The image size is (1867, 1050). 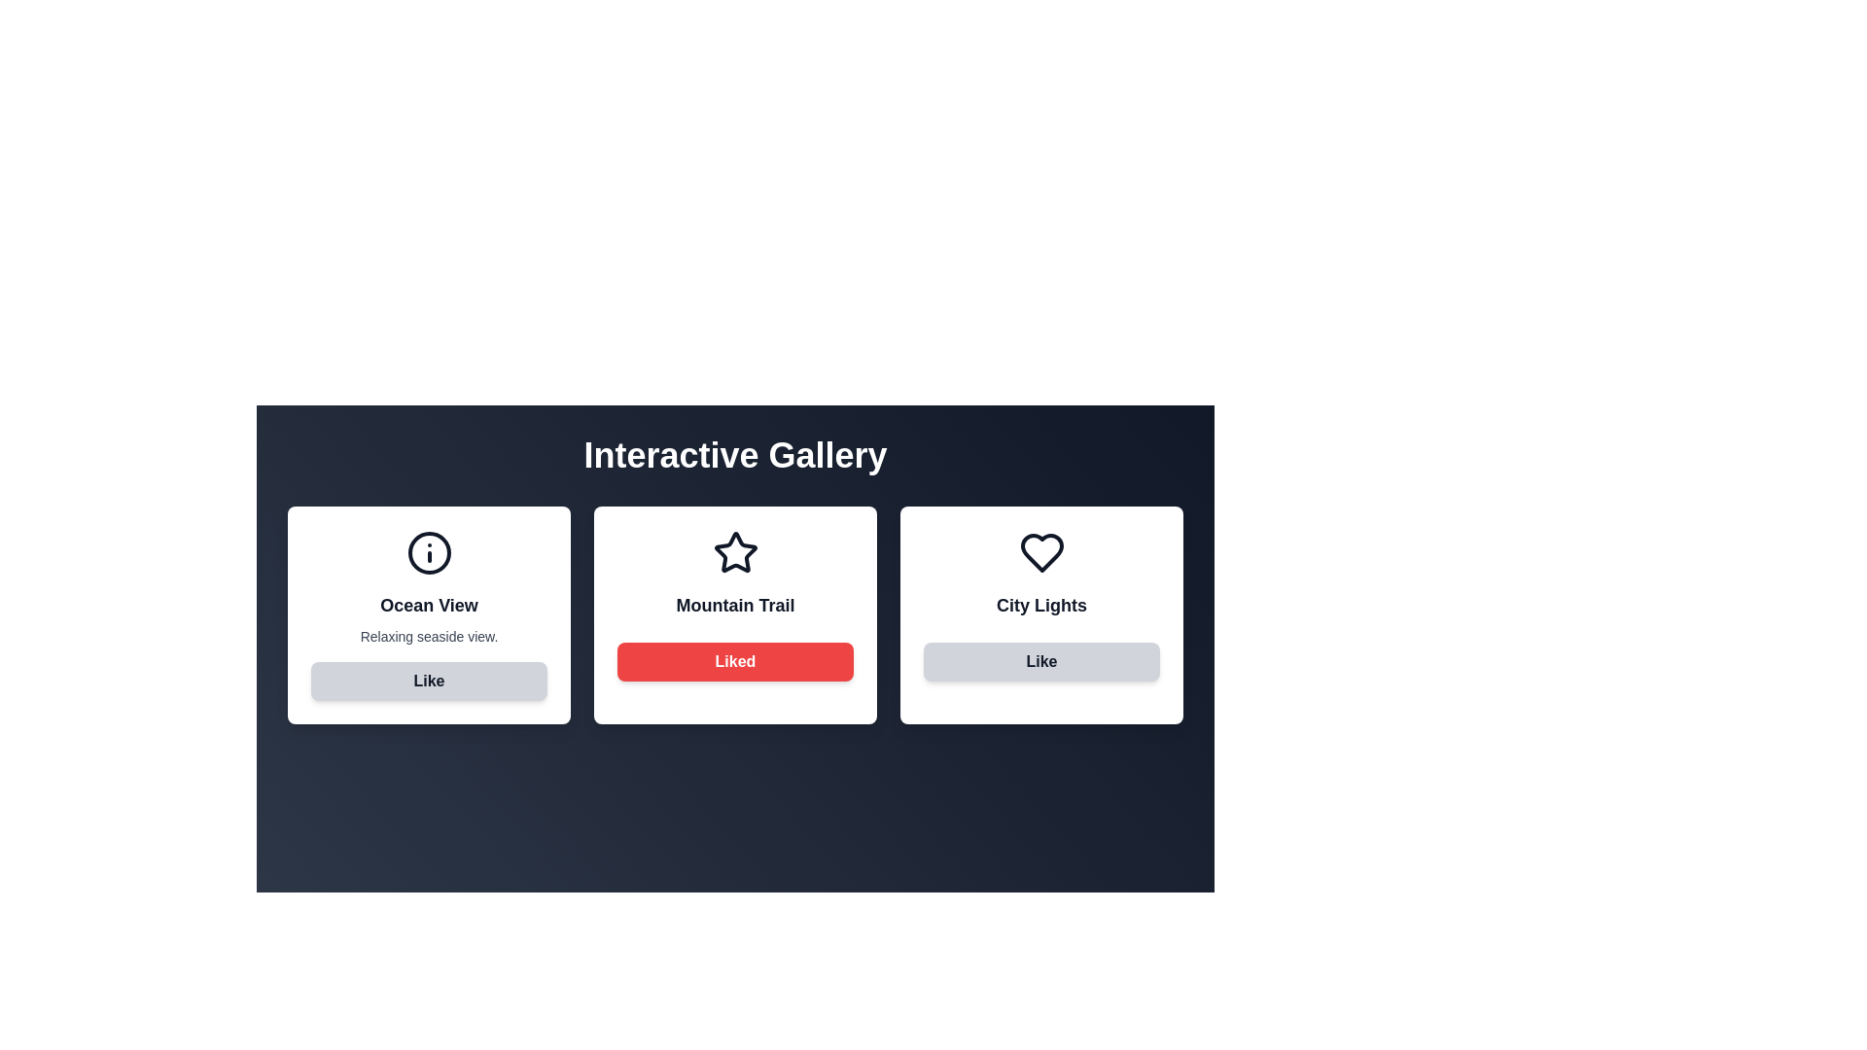 I want to click on the 'Like' button on the 'City Lights' card, which is the third card in a row of three within a grid layout, so click(x=1040, y=614).